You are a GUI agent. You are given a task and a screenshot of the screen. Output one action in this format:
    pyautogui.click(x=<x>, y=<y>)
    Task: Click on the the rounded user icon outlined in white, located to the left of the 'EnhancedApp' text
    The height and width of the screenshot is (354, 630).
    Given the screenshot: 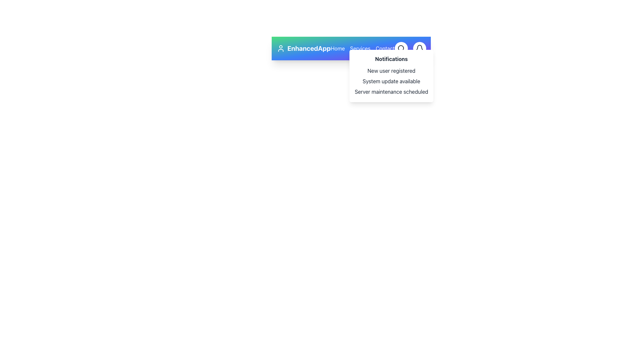 What is the action you would take?
    pyautogui.click(x=281, y=48)
    